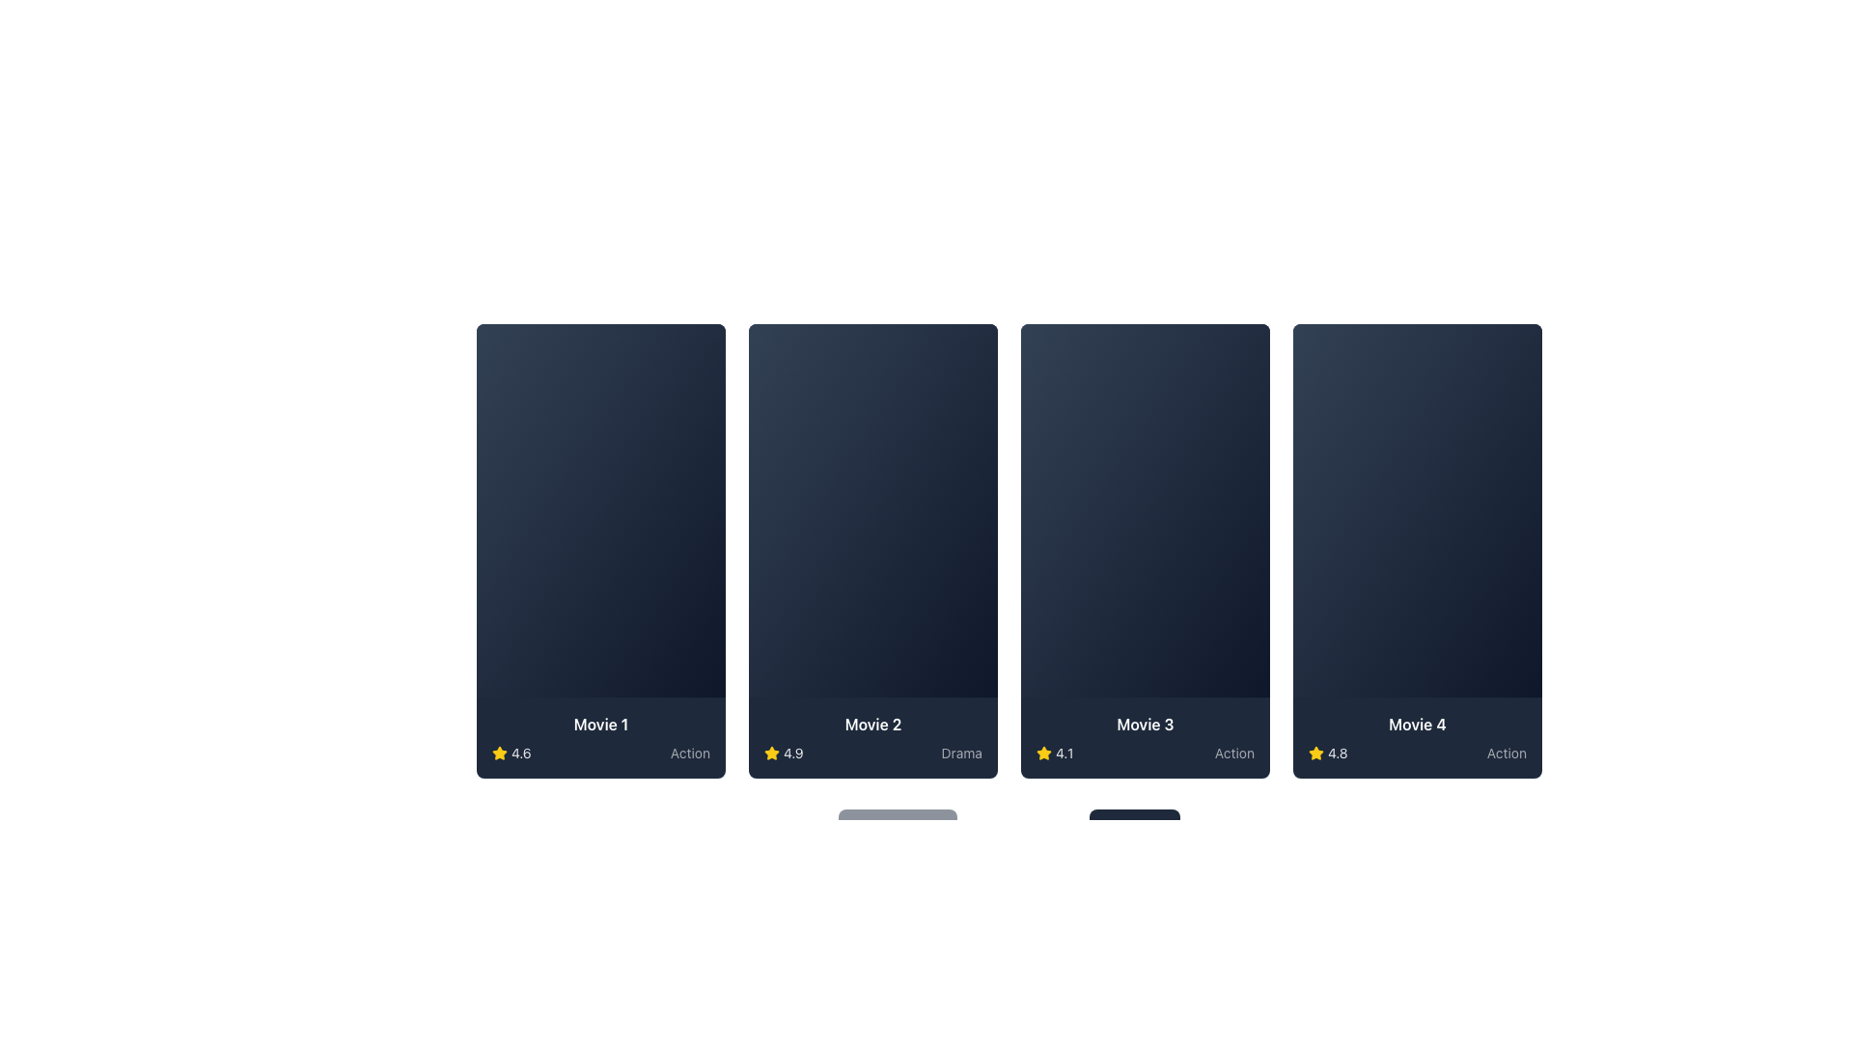 The image size is (1853, 1042). I want to click on text from the text label that says 'Action,' located at the bottom-right corner of the fourth card in the horizontally arranged list of cards, so click(1506, 752).